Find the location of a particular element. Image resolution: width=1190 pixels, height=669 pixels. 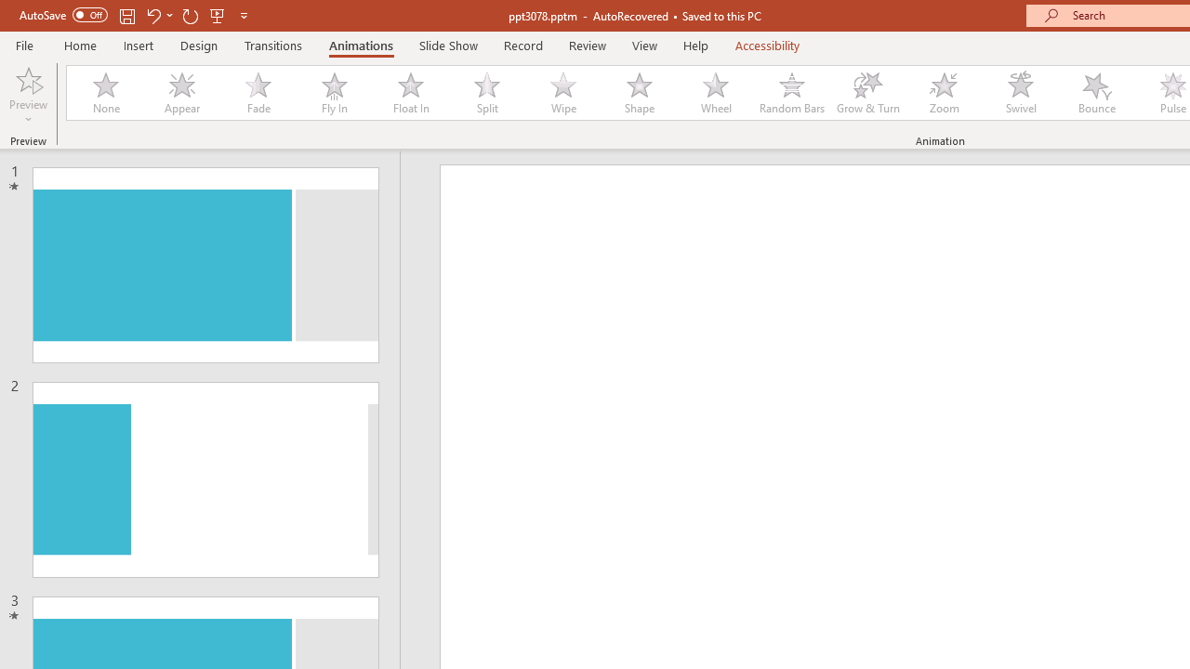

'AutoSave' is located at coordinates (63, 15).